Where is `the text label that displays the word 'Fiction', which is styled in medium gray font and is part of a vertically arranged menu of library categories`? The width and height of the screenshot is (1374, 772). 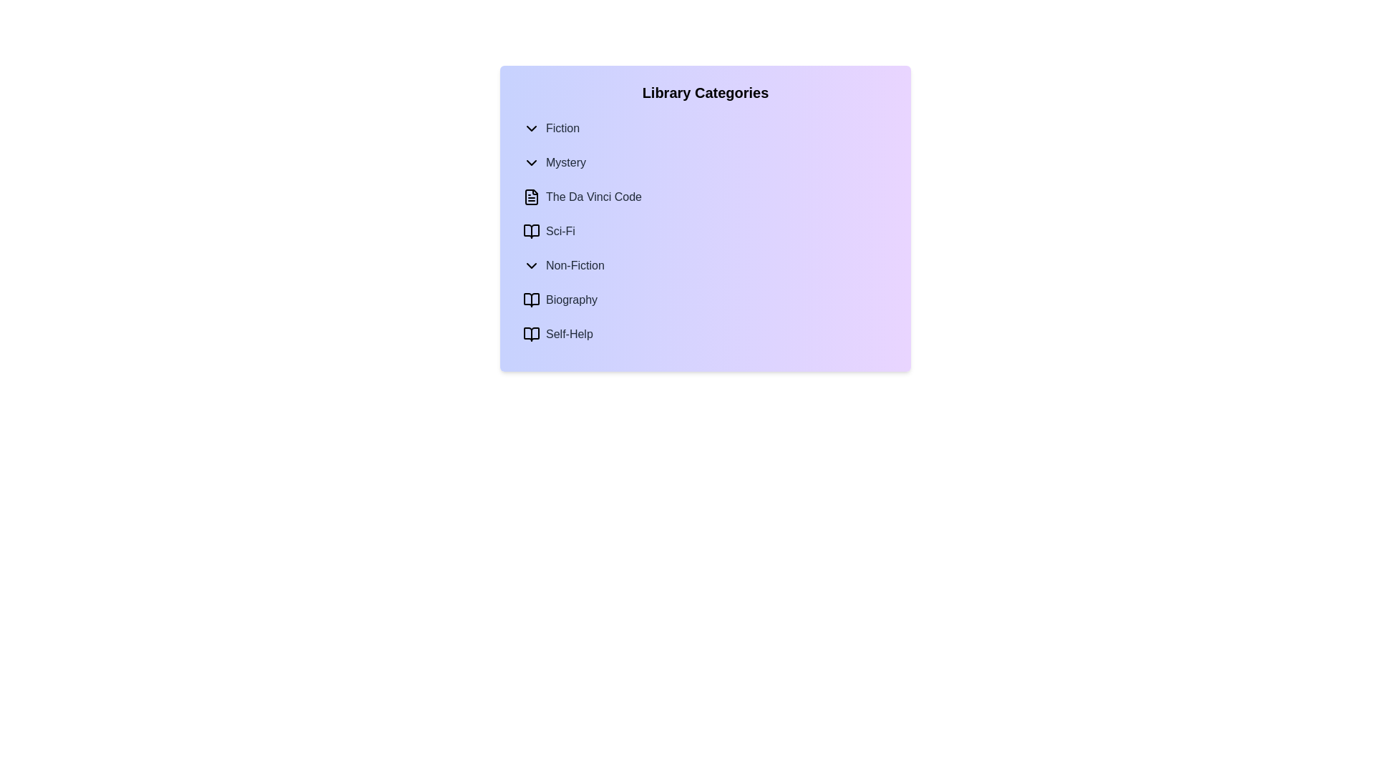 the text label that displays the word 'Fiction', which is styled in medium gray font and is part of a vertically arranged menu of library categories is located at coordinates (562, 129).